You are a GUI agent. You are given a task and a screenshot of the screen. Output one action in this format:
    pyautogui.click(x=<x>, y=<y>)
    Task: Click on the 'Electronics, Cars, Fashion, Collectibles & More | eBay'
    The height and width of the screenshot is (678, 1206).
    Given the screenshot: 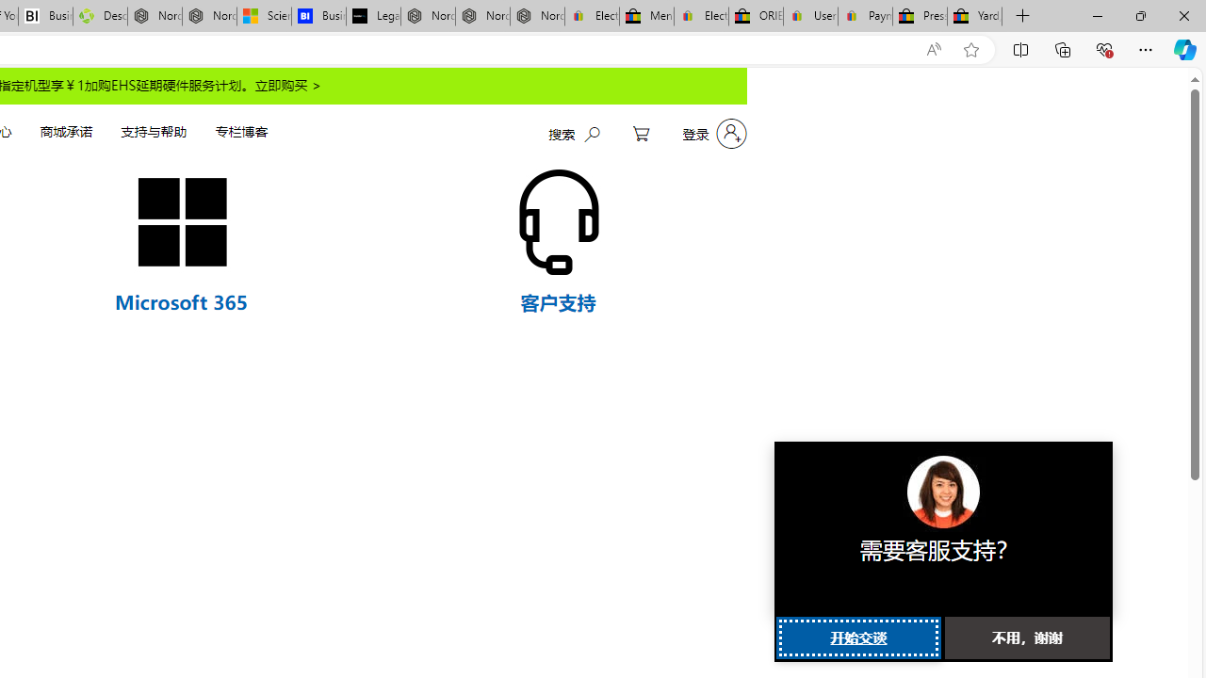 What is the action you would take?
    pyautogui.click(x=700, y=16)
    